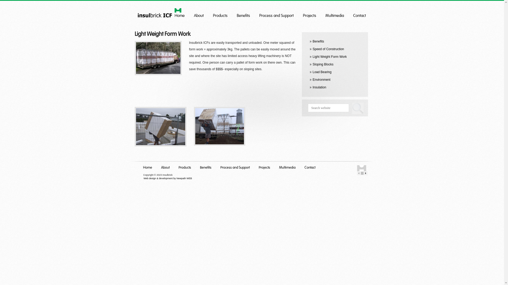 The image size is (508, 285). I want to click on 'Projects', so click(309, 14).